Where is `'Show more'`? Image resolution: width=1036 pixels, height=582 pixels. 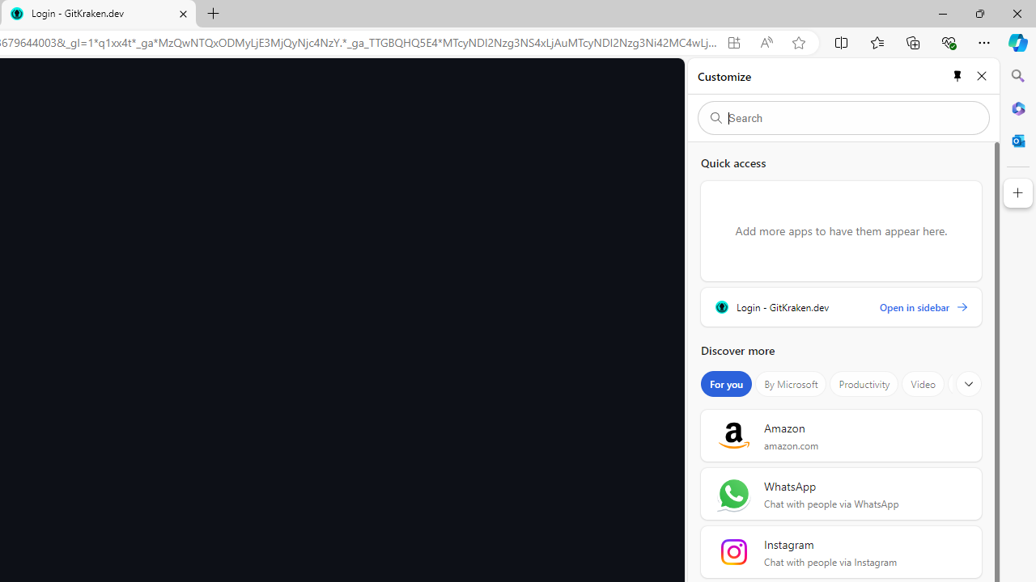 'Show more' is located at coordinates (969, 384).